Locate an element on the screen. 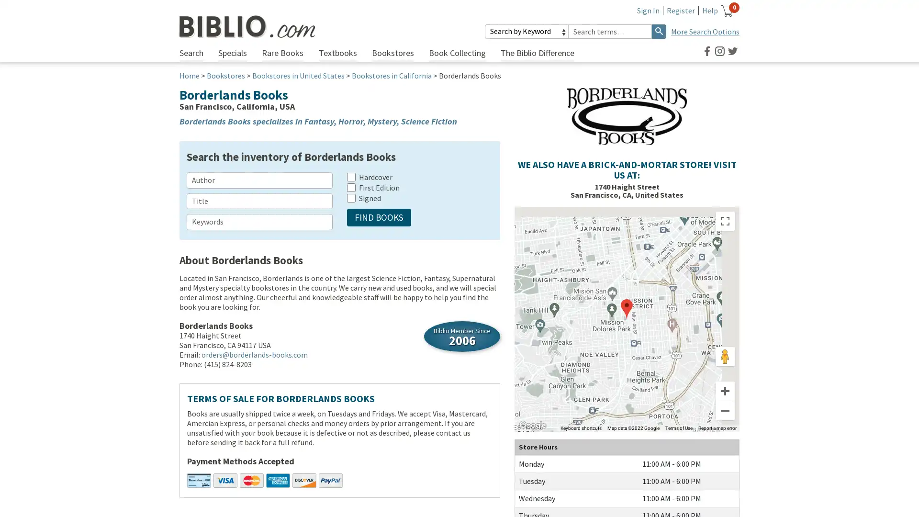 The width and height of the screenshot is (919, 517). Toggle fullscreen view is located at coordinates (725, 221).